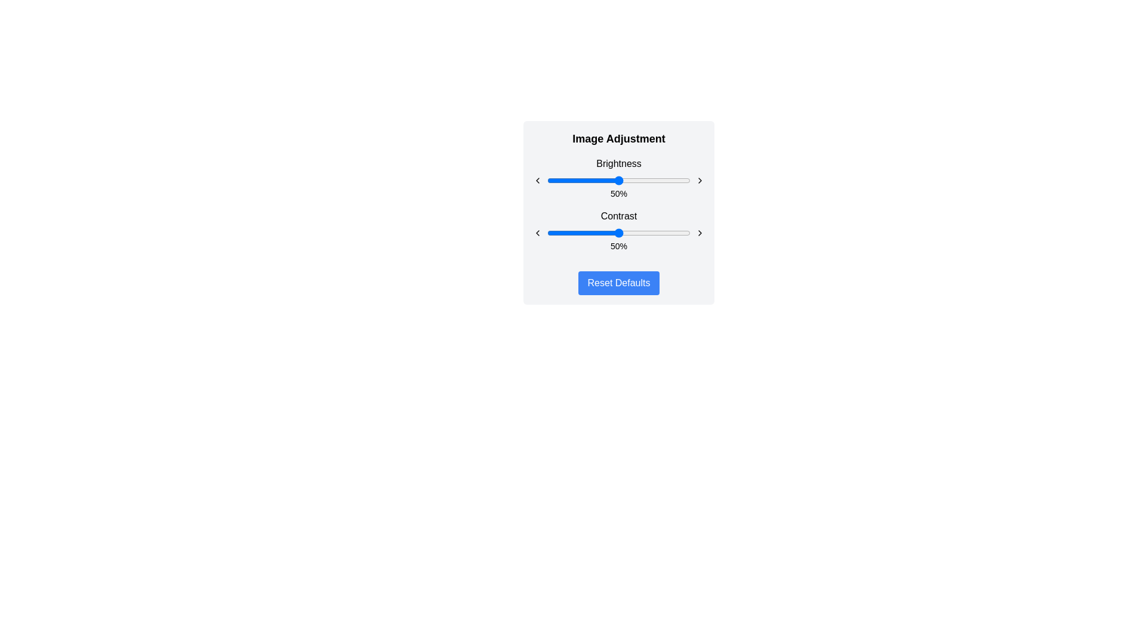  I want to click on brightness, so click(602, 181).